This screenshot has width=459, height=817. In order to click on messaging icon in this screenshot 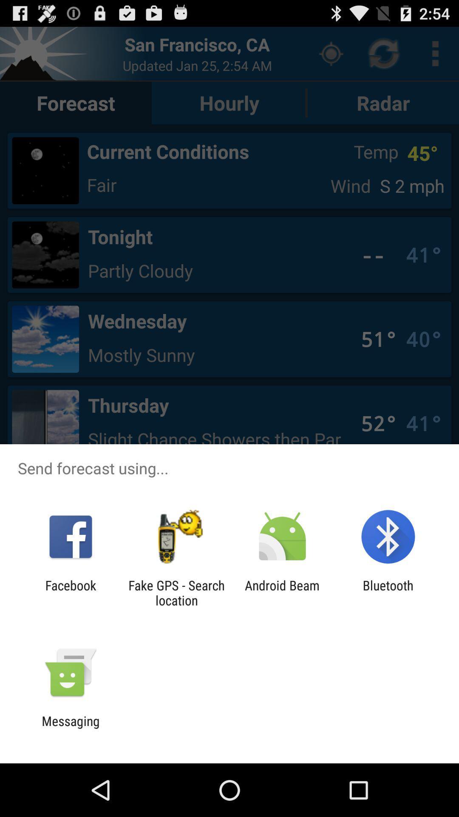, I will do `click(70, 728)`.